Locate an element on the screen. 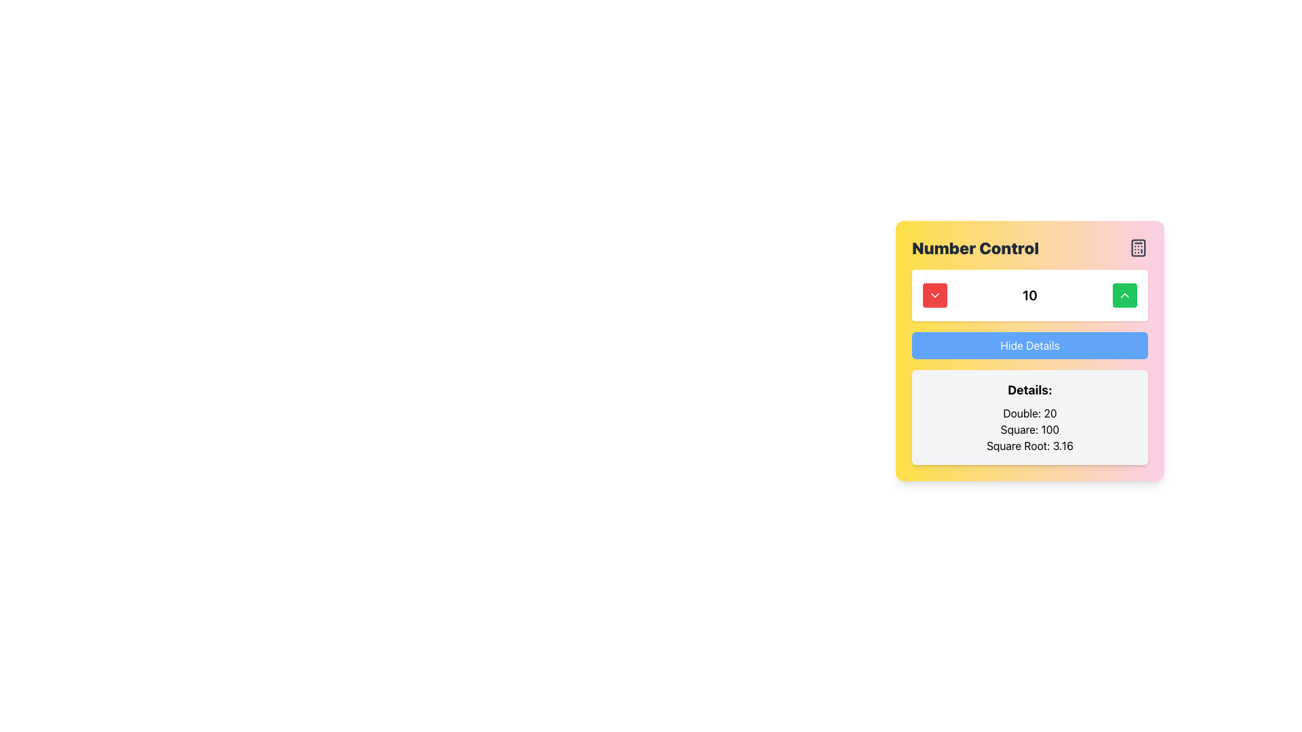 This screenshot has height=732, width=1302. the square button with a red background and a white downward-pointing chevron symbol is located at coordinates (934, 294).